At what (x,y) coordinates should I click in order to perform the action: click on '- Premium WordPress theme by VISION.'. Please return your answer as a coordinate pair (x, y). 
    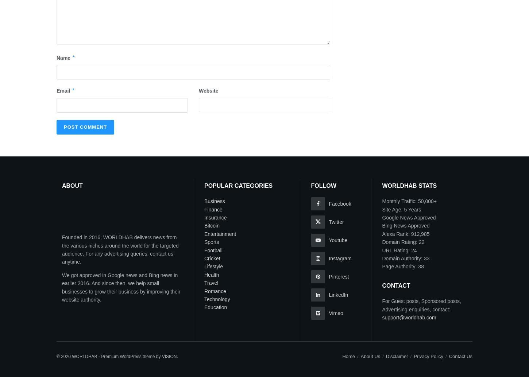
    Looking at the image, I should click on (137, 356).